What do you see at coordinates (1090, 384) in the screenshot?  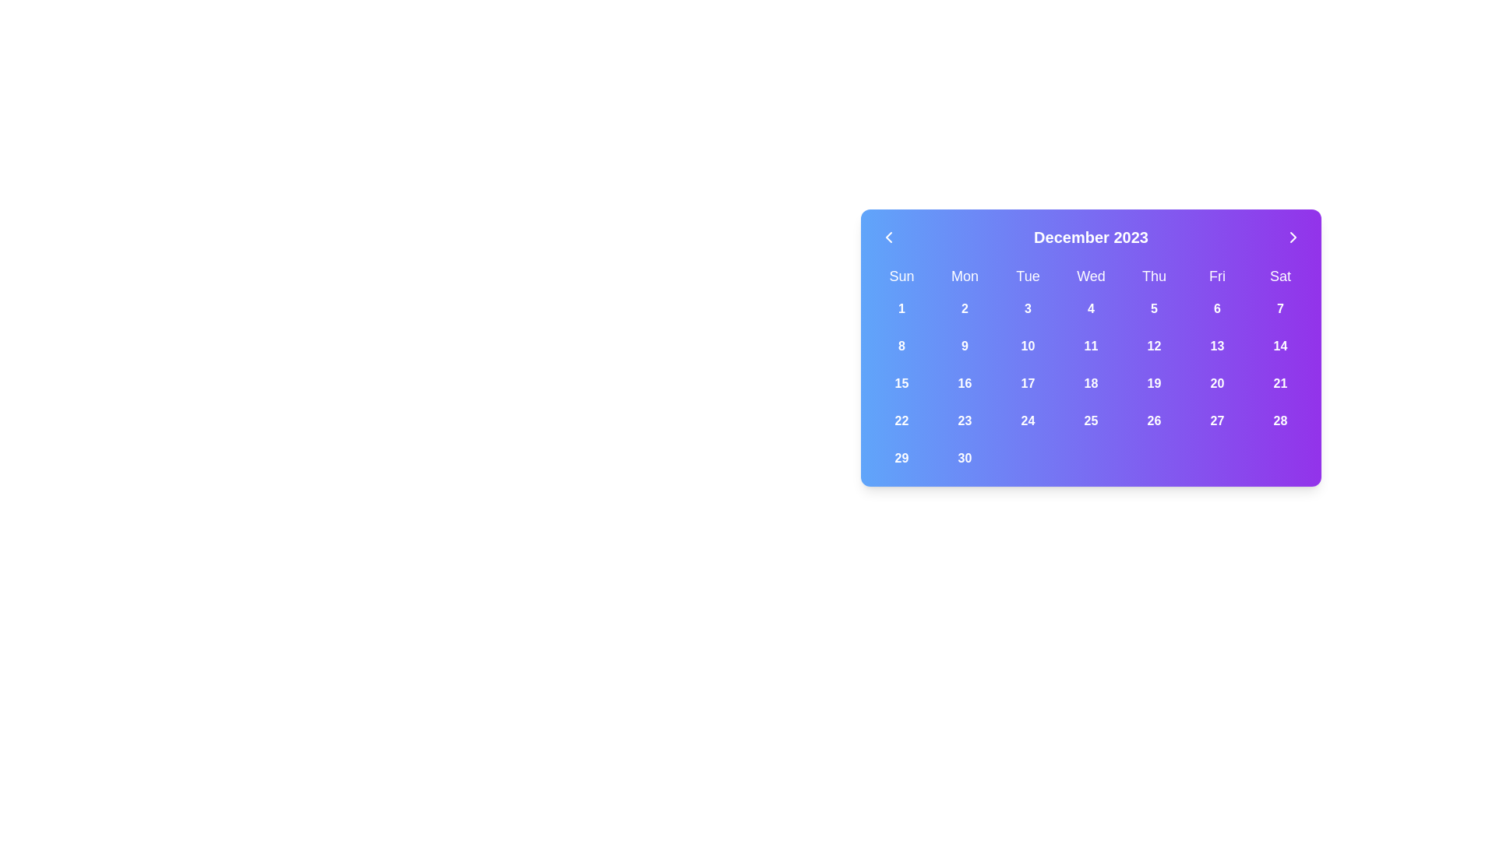 I see `the button representing the 18th day in the calendar, located under the 'Tue' column in the third week row` at bounding box center [1090, 384].